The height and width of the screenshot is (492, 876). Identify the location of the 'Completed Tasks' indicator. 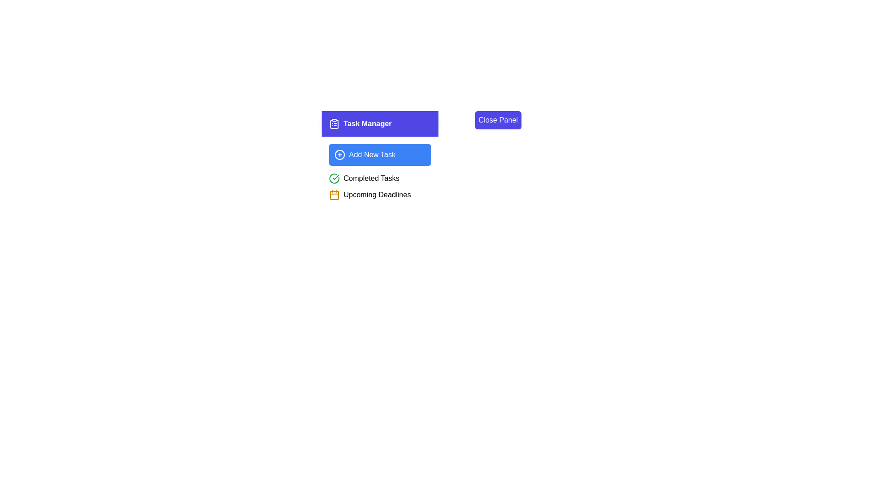
(380, 179).